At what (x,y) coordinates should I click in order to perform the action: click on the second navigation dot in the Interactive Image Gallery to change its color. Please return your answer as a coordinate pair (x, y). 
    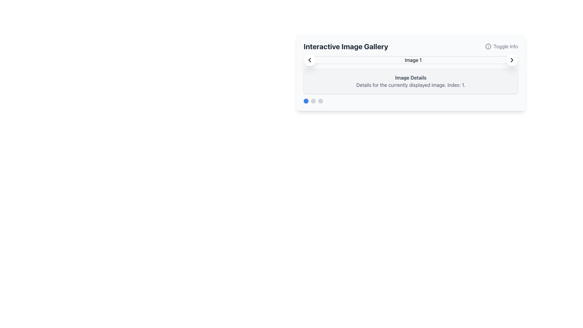
    Looking at the image, I should click on (313, 101).